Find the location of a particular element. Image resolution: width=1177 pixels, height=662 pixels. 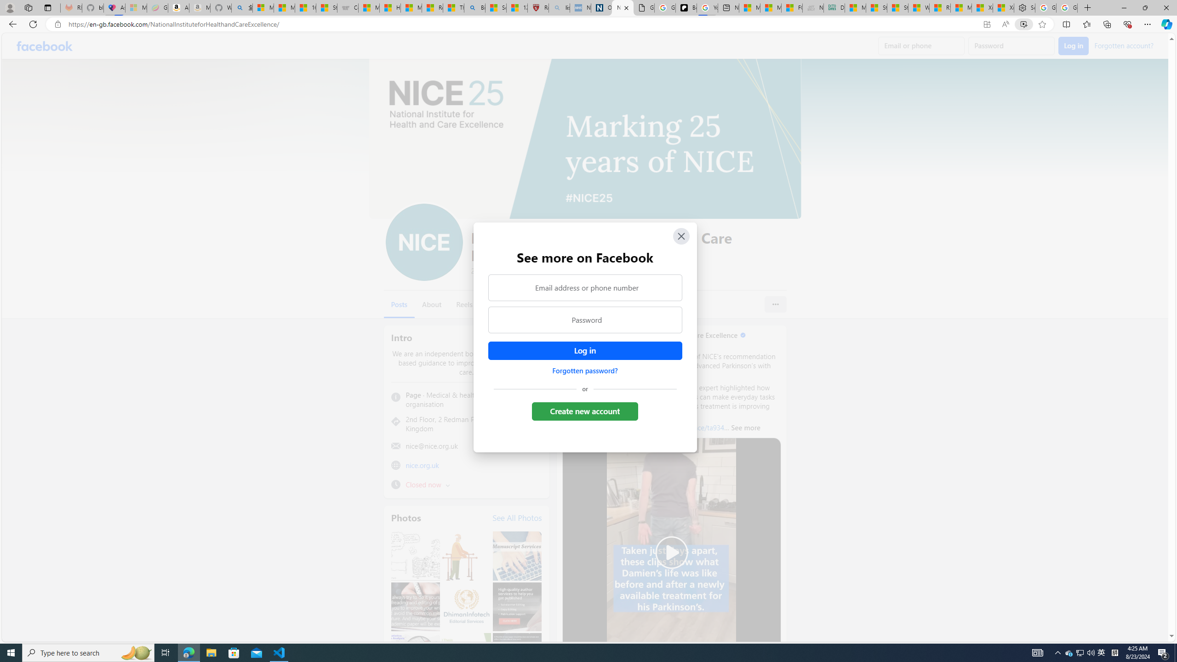

'Forgotten password?' is located at coordinates (584, 370).